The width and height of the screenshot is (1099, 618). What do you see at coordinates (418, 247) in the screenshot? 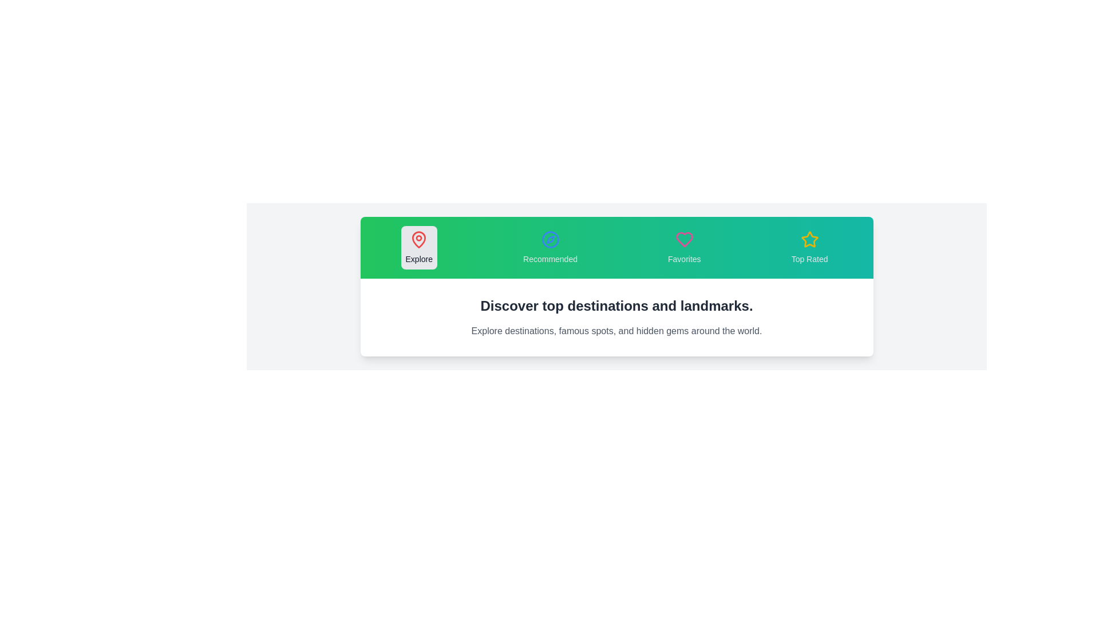
I see `the tab labeled Explore to observe its hover effect` at bounding box center [418, 247].